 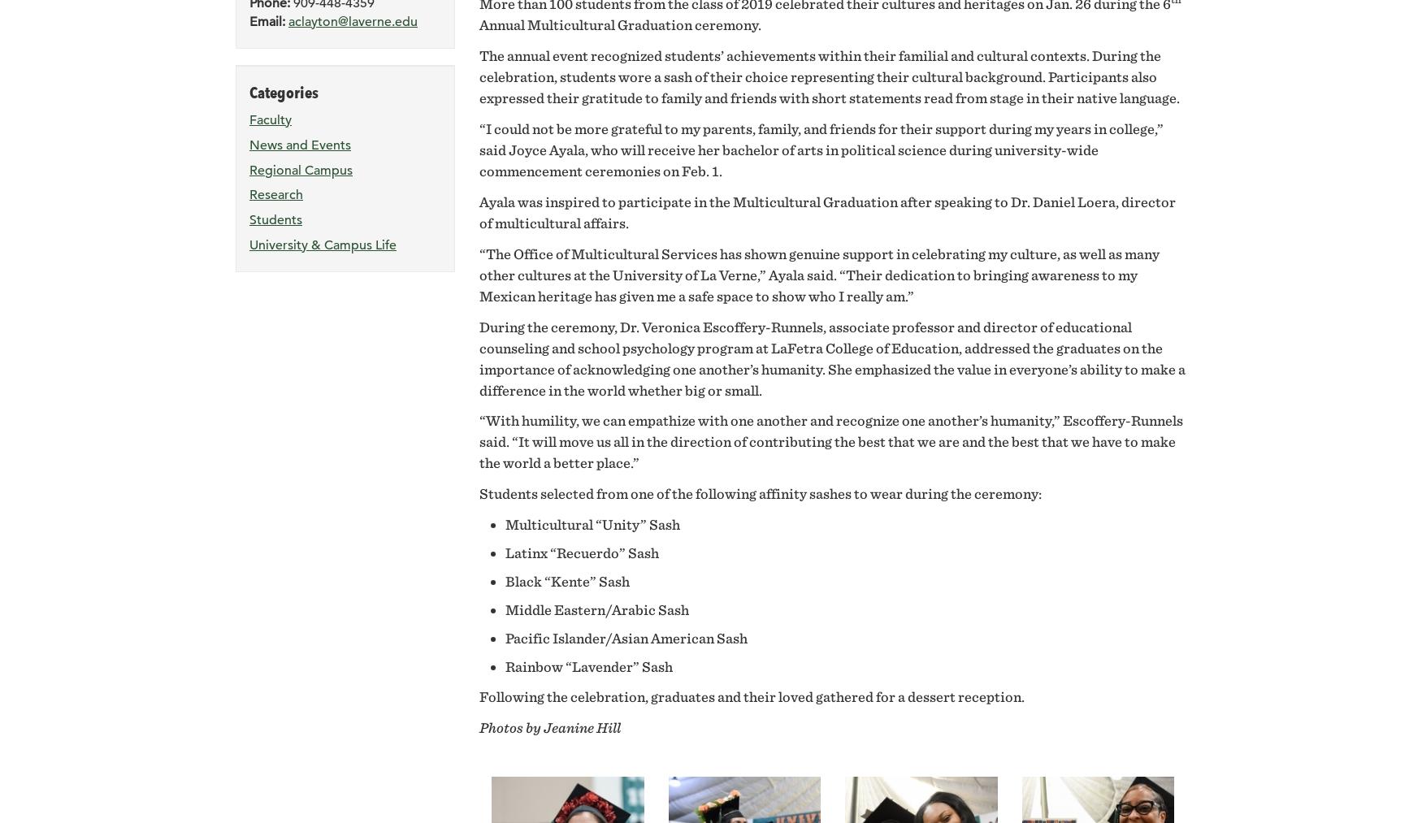 What do you see at coordinates (826, 210) in the screenshot?
I see `'Ayala was inspired to participate in the Multicultural Graduation after speaking to Dr. Daniel Loera, director of multicultural affairs.'` at bounding box center [826, 210].